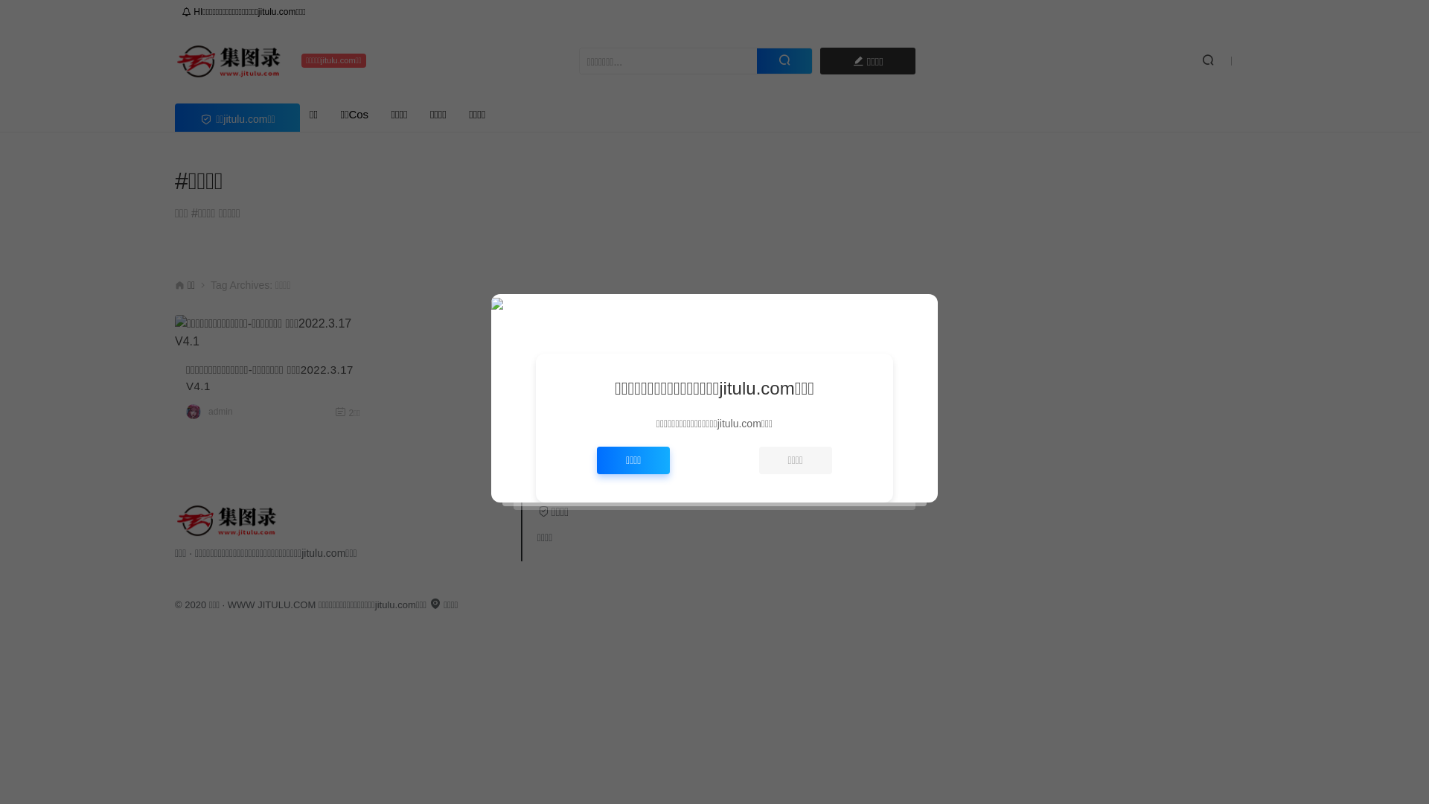 This screenshot has width=1429, height=804. Describe the element at coordinates (220, 411) in the screenshot. I see `'admin'` at that location.